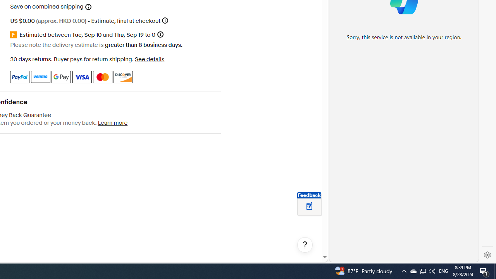 The image size is (496, 279). I want to click on 'More information', so click(165, 20).